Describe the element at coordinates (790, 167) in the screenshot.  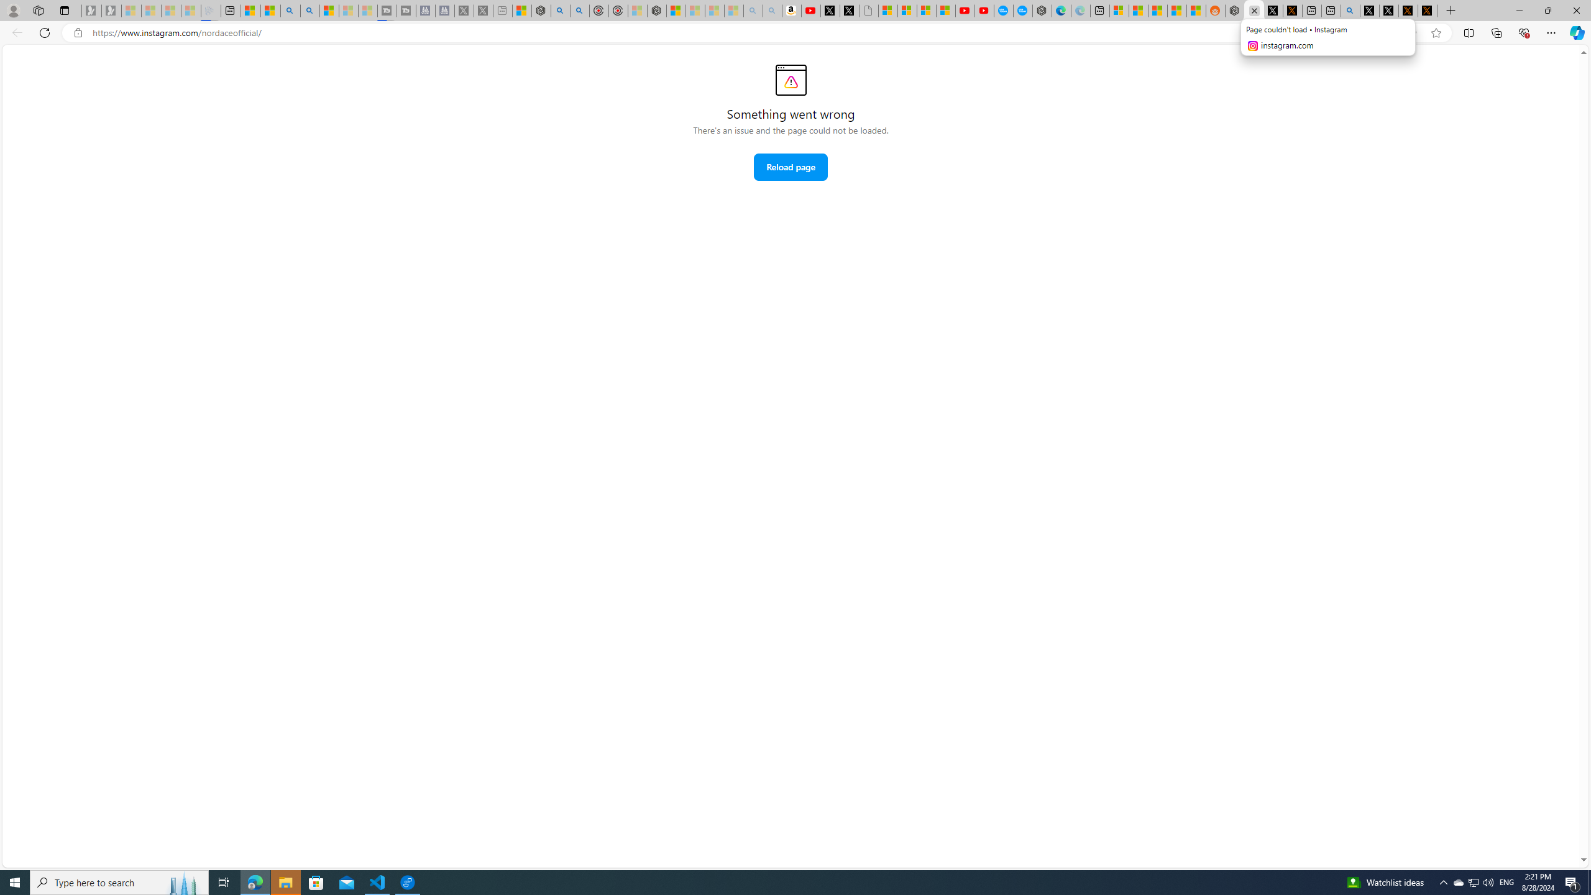
I see `'Reload page'` at that location.